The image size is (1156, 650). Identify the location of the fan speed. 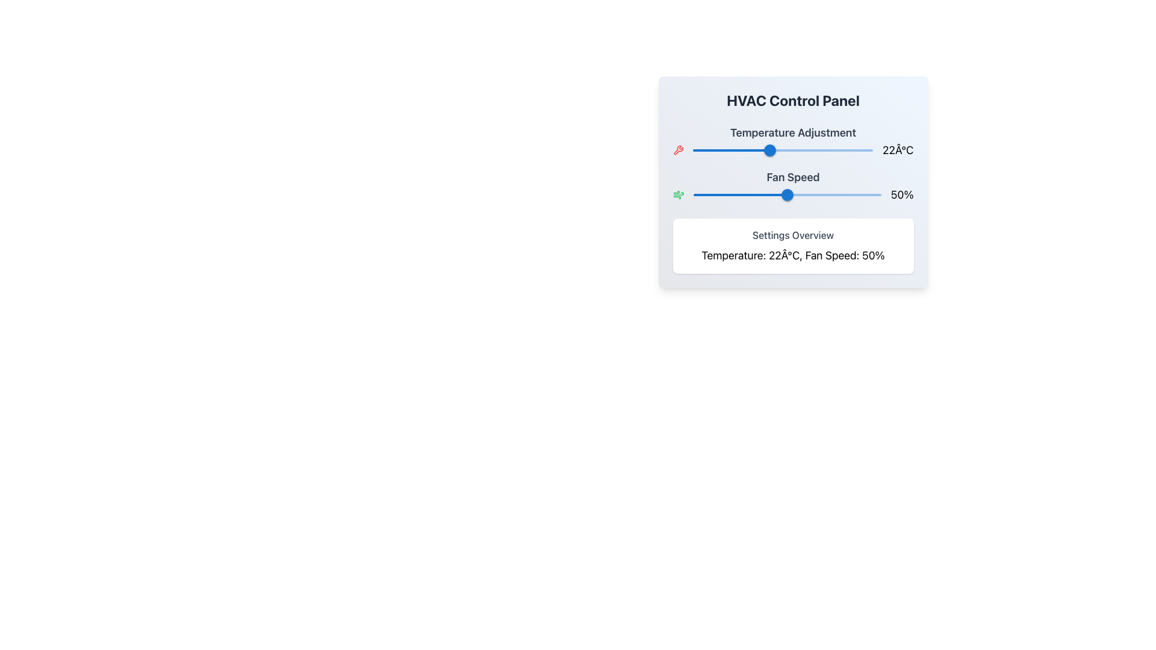
(863, 194).